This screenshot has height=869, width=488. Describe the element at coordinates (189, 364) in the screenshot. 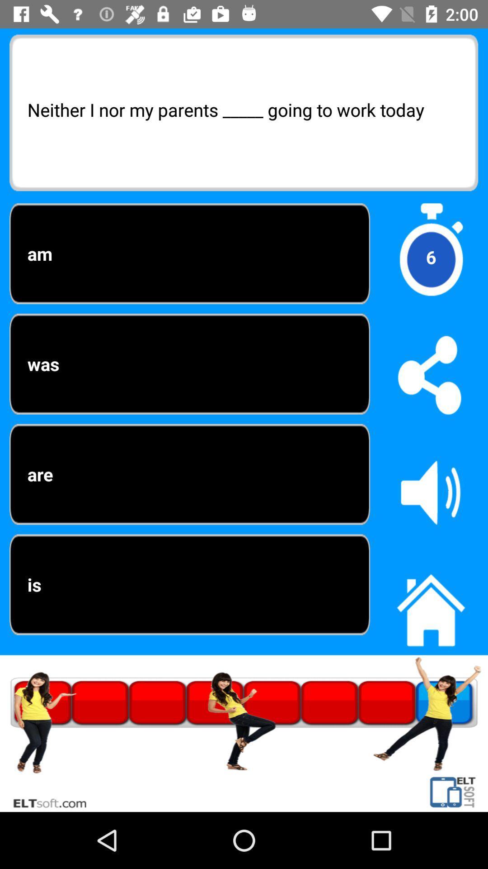

I see `the was icon` at that location.